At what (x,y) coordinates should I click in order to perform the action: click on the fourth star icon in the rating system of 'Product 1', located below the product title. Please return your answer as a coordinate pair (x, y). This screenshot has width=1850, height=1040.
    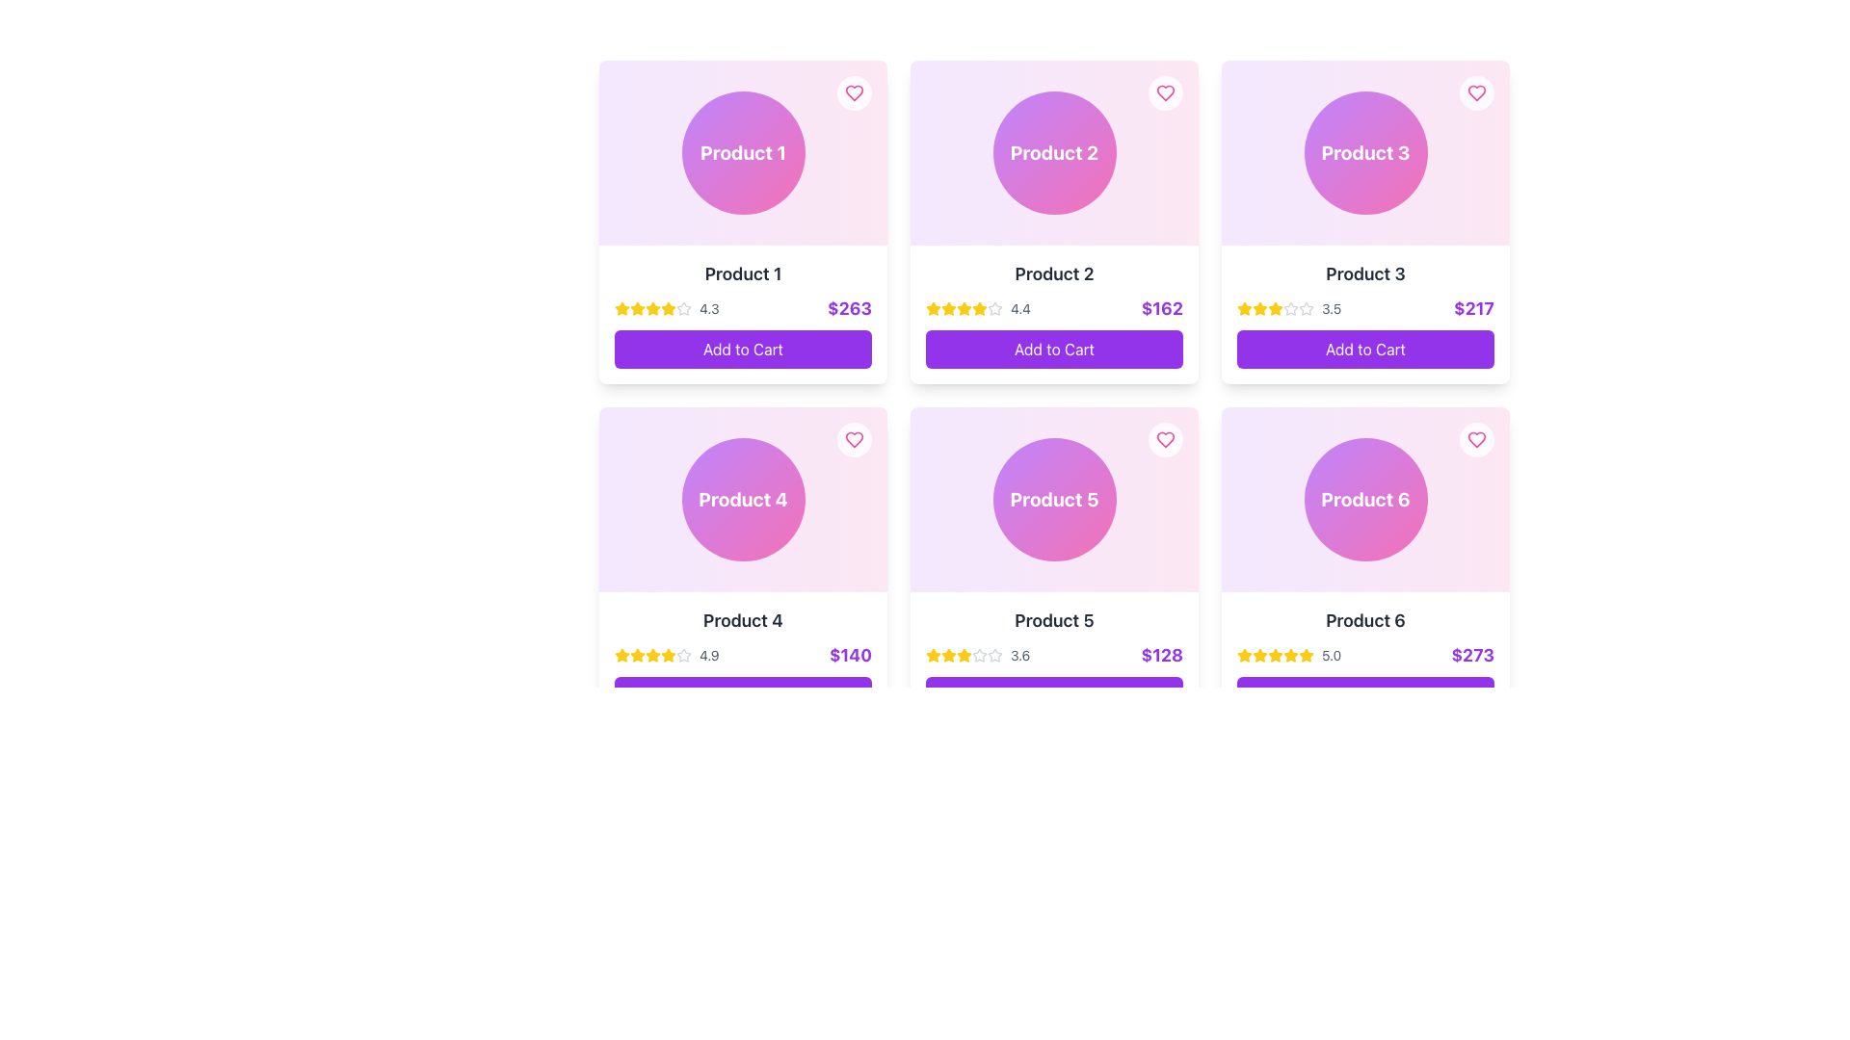
    Looking at the image, I should click on (684, 307).